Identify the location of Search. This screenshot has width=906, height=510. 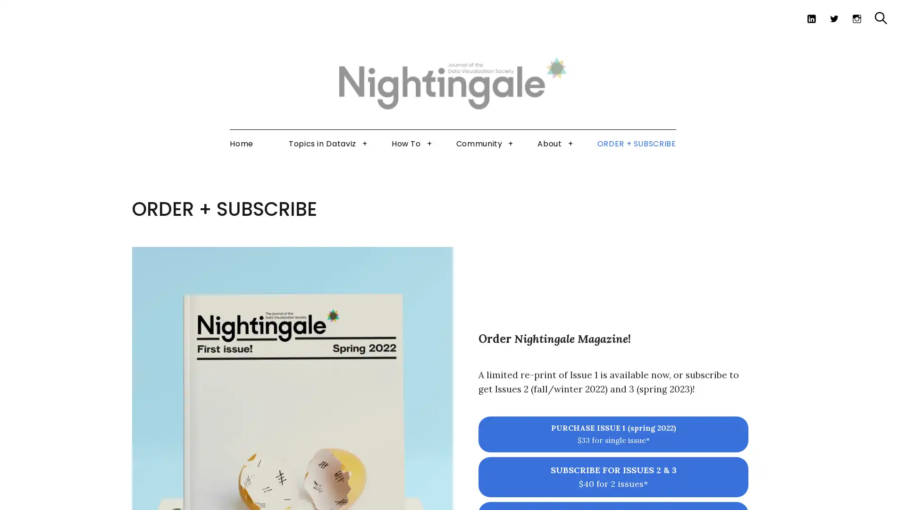
(861, 14).